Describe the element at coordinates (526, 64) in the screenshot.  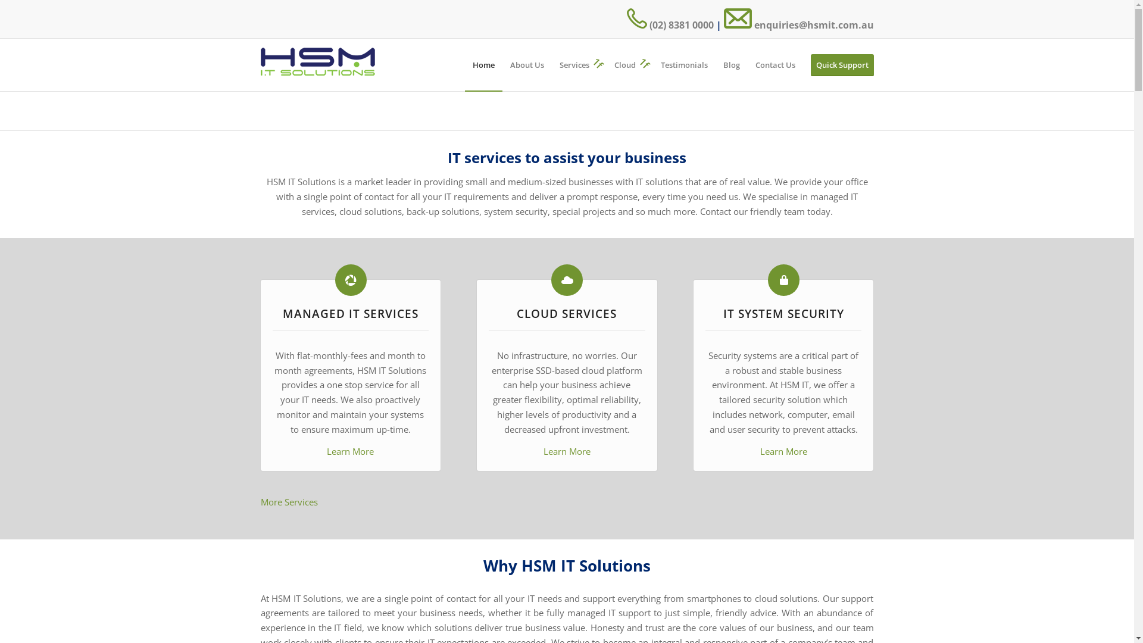
I see `'About Us'` at that location.